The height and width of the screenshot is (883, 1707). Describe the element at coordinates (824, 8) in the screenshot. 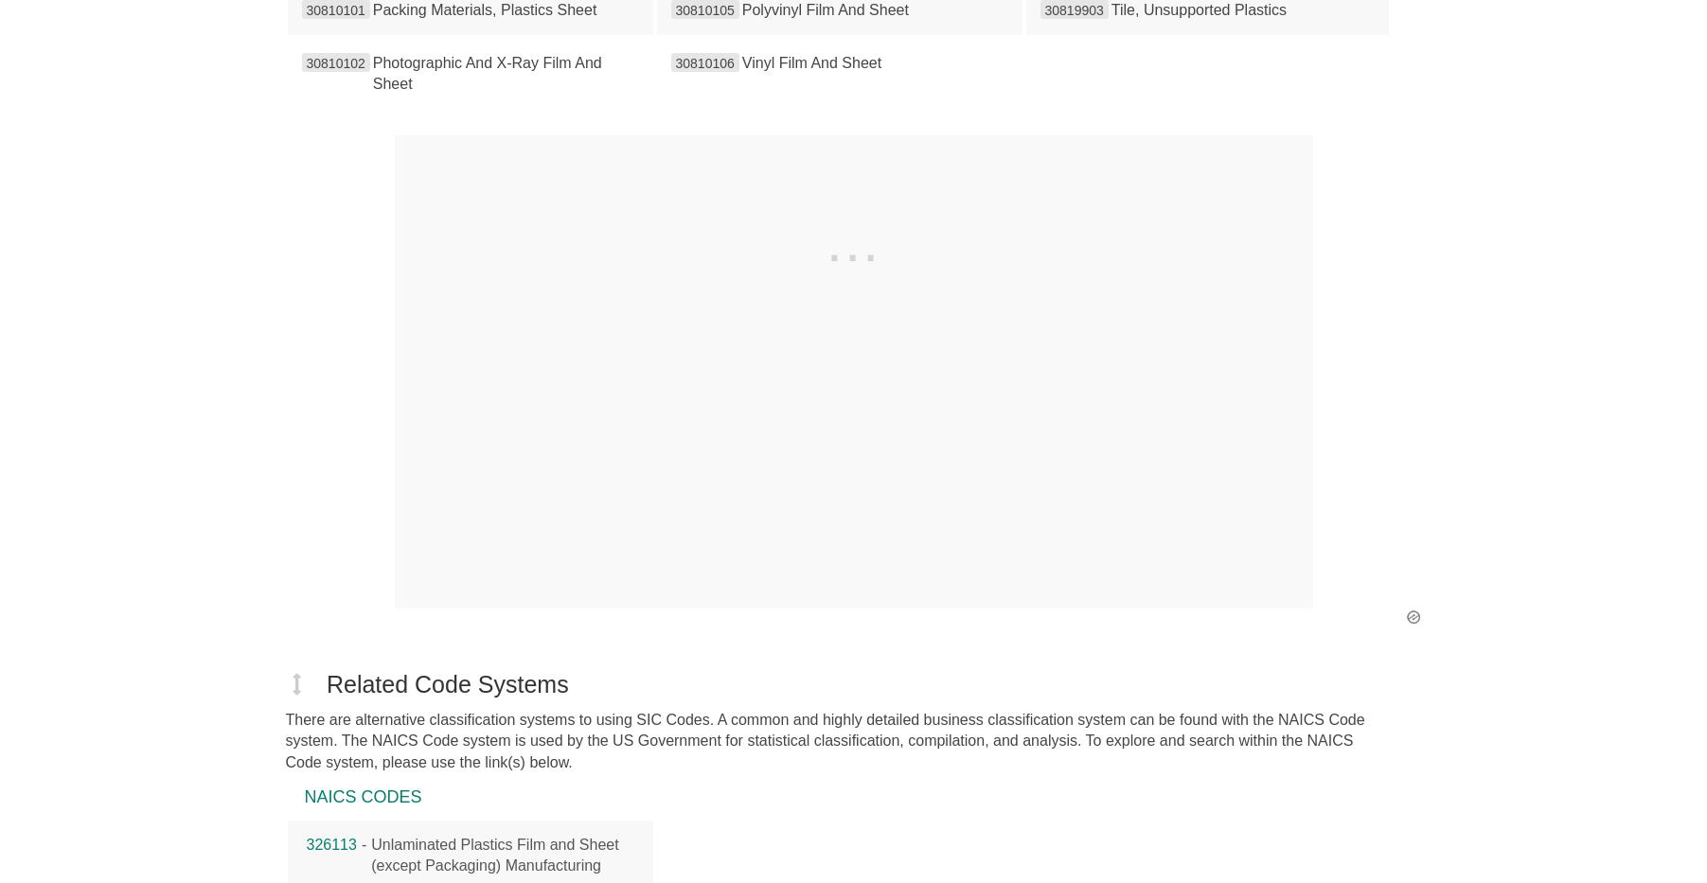

I see `'Polyvinyl Film And Sheet'` at that location.